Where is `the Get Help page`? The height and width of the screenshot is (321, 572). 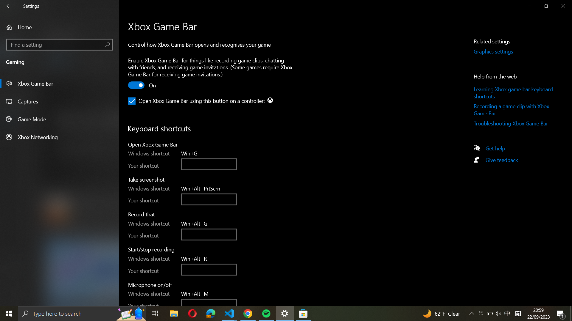
the Get Help page is located at coordinates (498, 147).